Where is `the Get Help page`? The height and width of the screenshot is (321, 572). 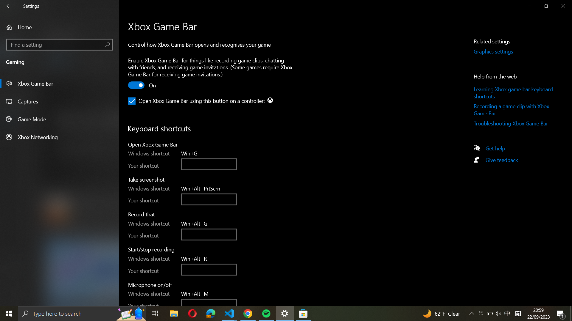
the Get Help page is located at coordinates (498, 147).